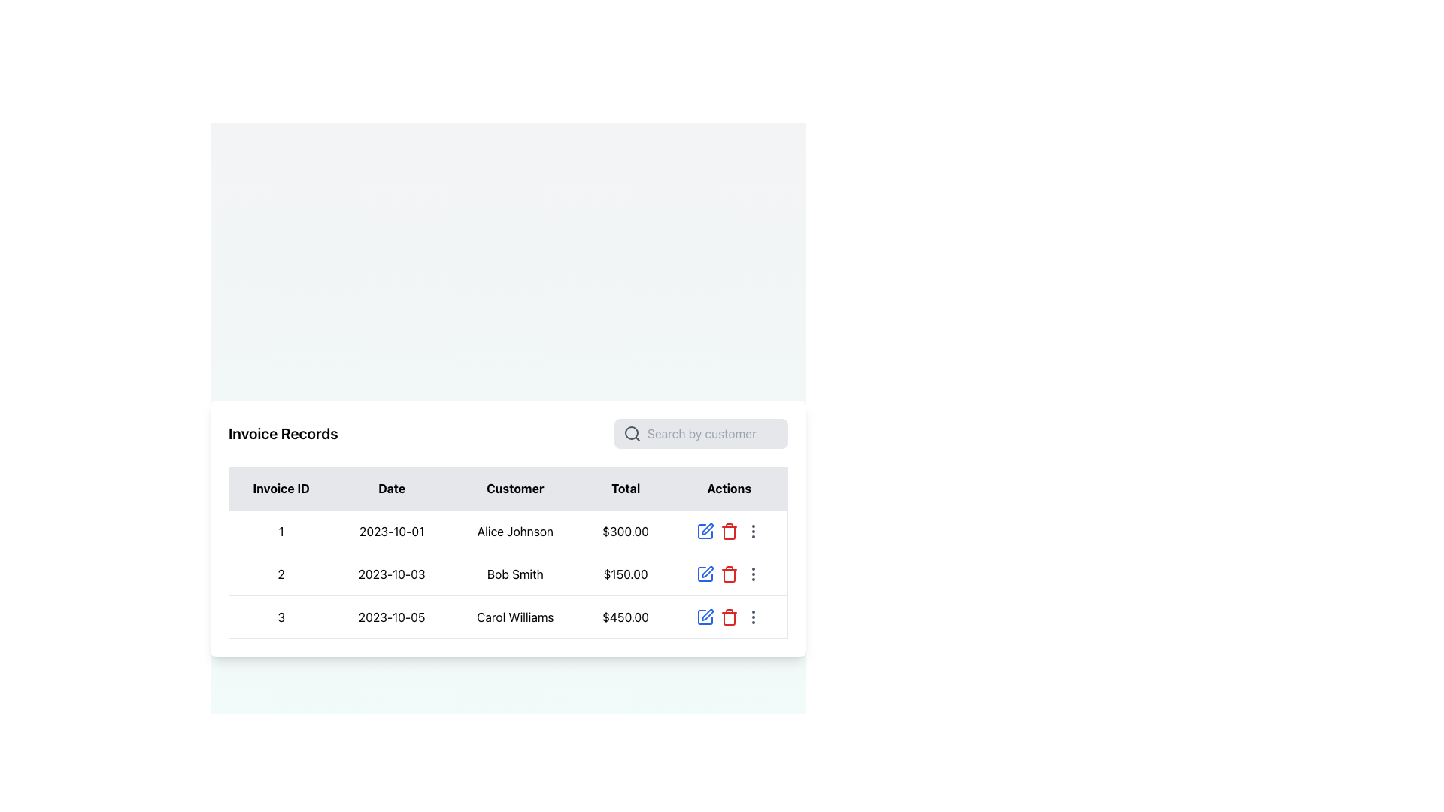 The image size is (1444, 812). What do you see at coordinates (706, 571) in the screenshot?
I see `the small blue pen icon in the 'Actions' column of the second row of the invoices table` at bounding box center [706, 571].